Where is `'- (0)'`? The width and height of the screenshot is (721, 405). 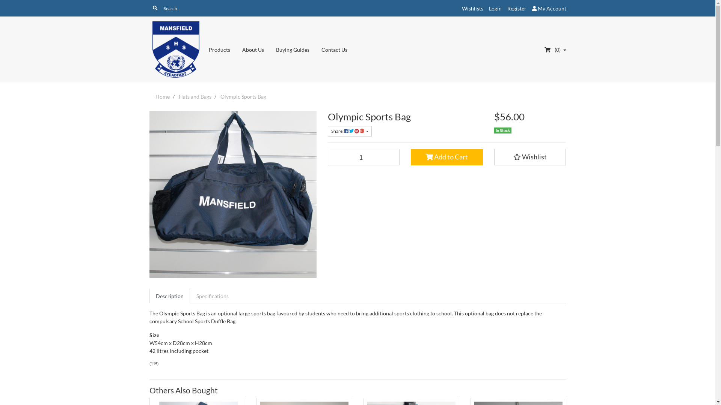
'- (0)' is located at coordinates (555, 49).